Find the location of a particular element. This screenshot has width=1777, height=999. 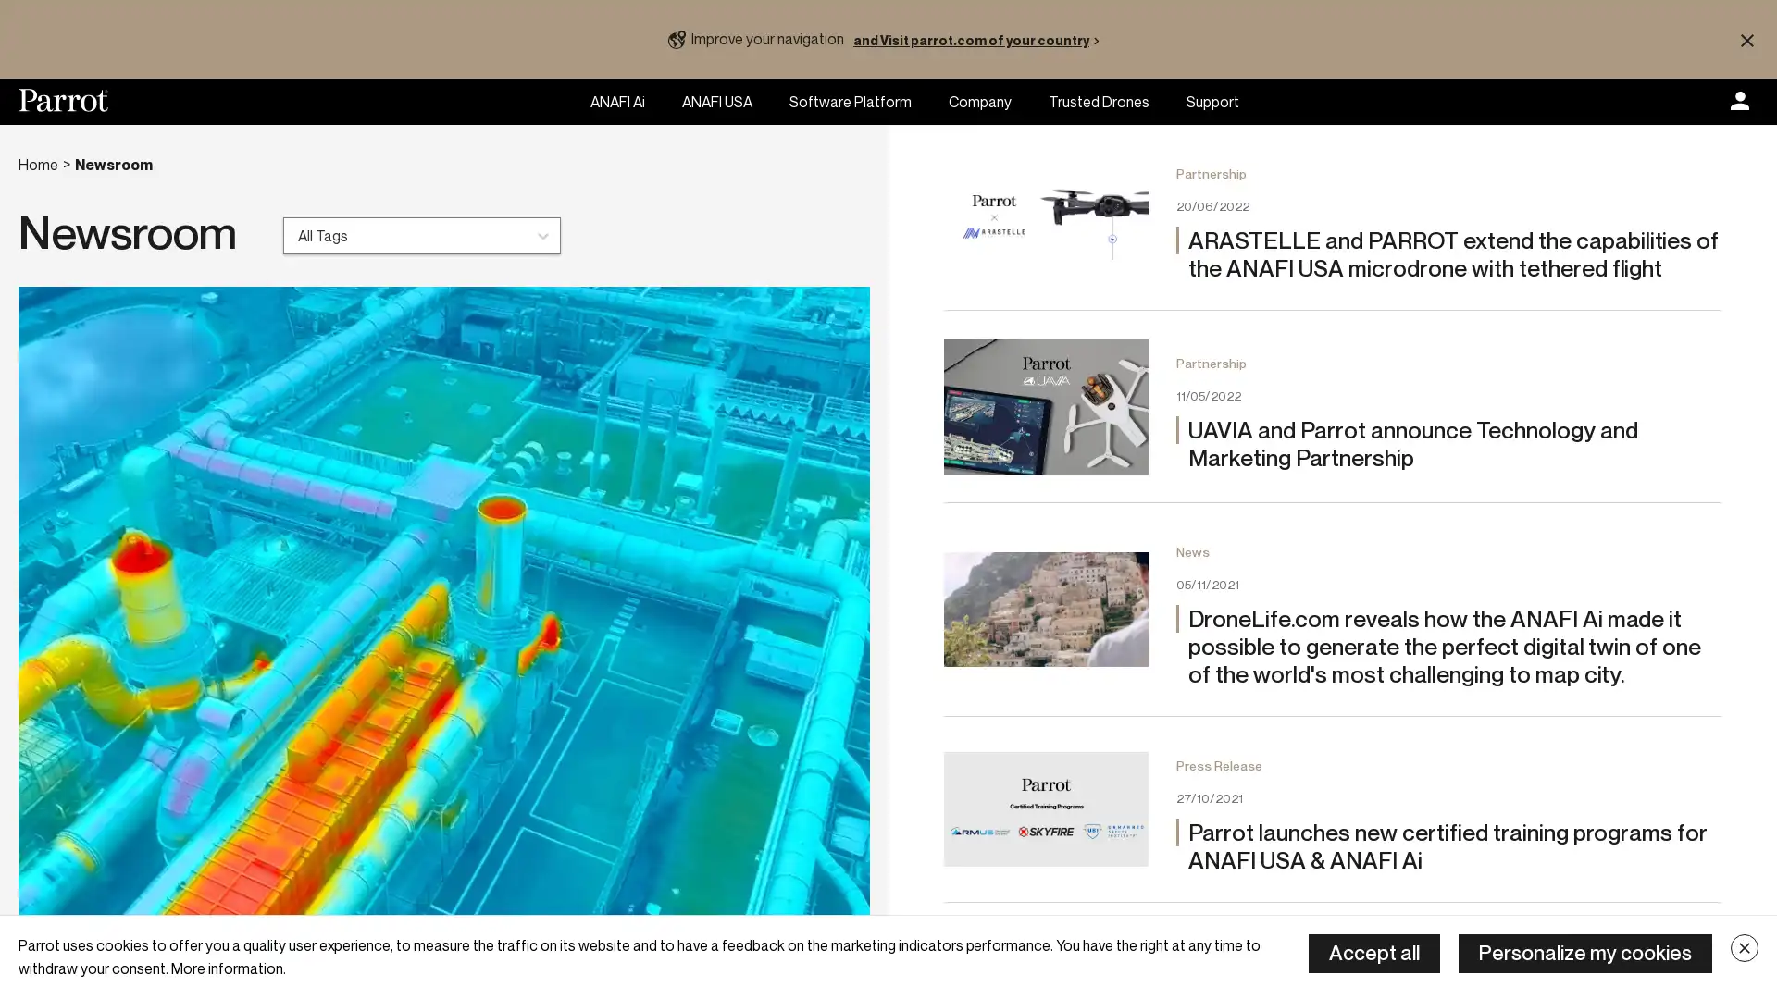

Personalize my cookies is located at coordinates (1584, 953).